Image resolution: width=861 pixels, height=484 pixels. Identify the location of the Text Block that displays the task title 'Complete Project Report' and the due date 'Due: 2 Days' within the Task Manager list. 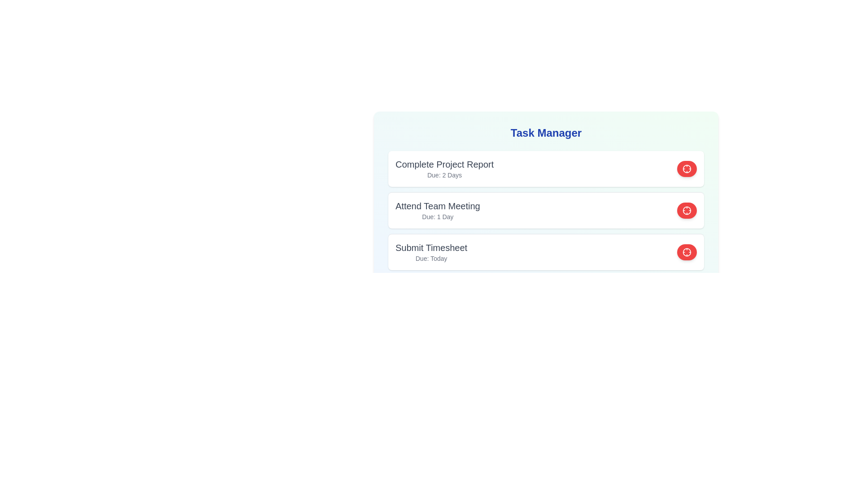
(444, 169).